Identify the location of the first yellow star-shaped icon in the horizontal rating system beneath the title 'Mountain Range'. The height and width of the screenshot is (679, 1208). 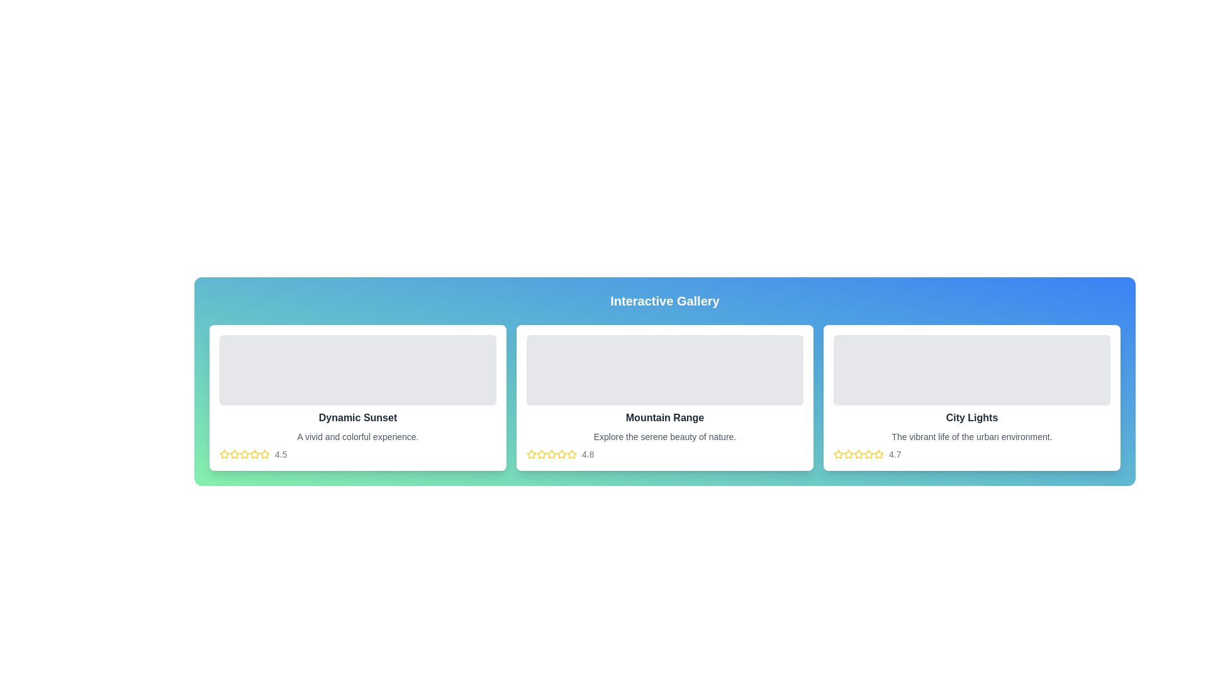
(541, 454).